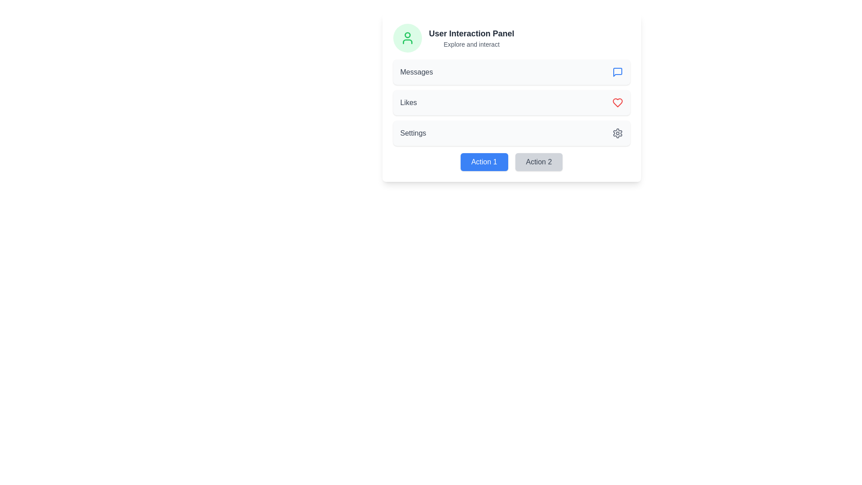  Describe the element at coordinates (407, 37) in the screenshot. I see `the user profile icon located at the center of a green circular background in the top-left corner of the 'User Interaction Panel'` at that location.